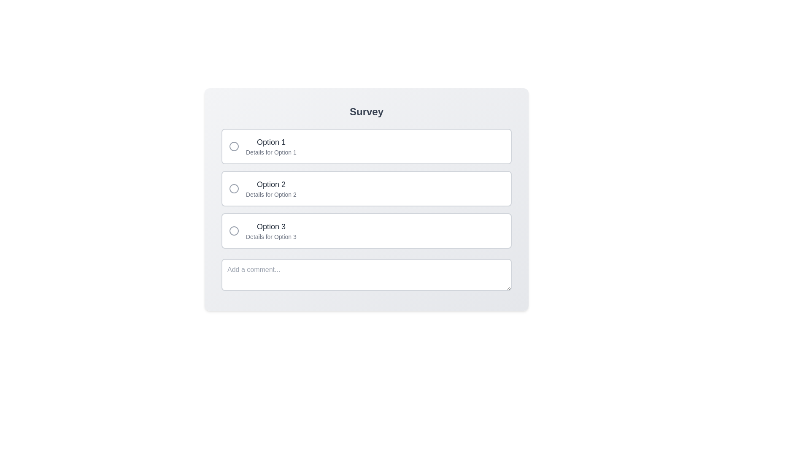 This screenshot has width=810, height=456. What do you see at coordinates (234, 146) in the screenshot?
I see `the radio button for selecting 'Option 1' in the survey` at bounding box center [234, 146].